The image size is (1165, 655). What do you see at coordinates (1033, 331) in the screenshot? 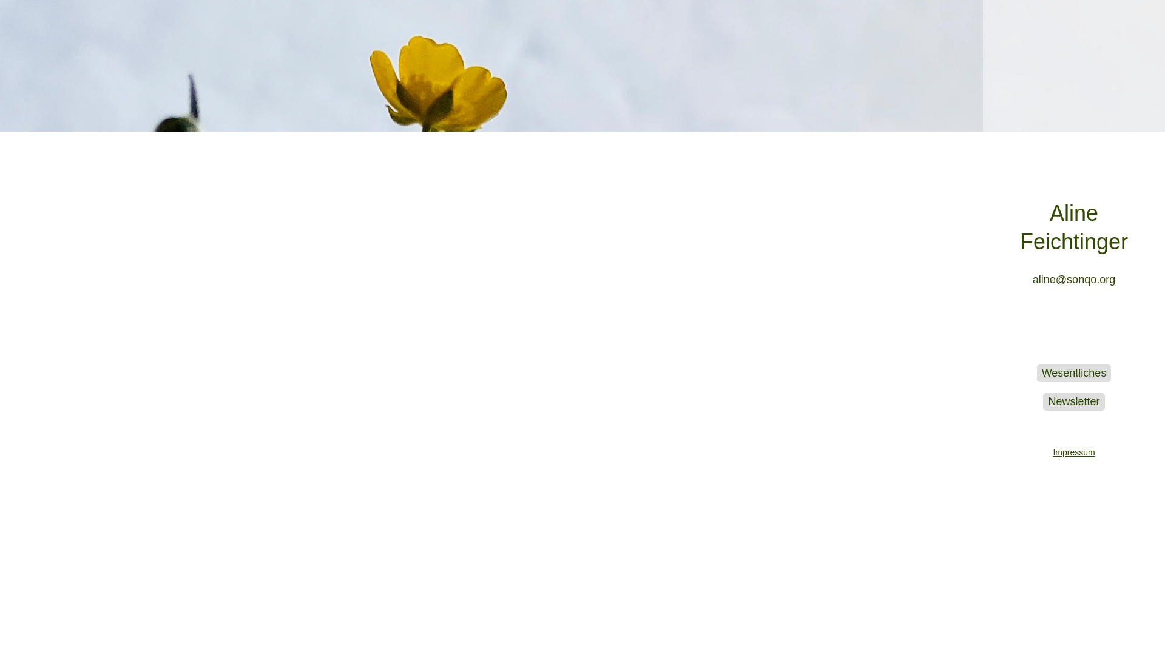
I see `'Heart Language Translator bei Facebook'` at bounding box center [1033, 331].